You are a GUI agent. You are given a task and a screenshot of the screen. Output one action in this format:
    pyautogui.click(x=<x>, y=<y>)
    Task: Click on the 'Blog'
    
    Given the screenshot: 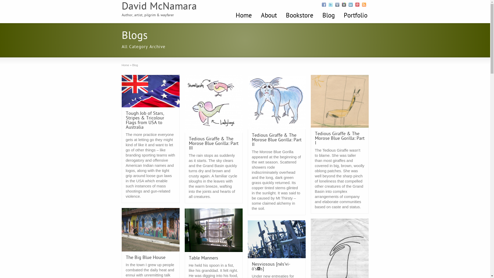 What is the action you would take?
    pyautogui.click(x=328, y=16)
    